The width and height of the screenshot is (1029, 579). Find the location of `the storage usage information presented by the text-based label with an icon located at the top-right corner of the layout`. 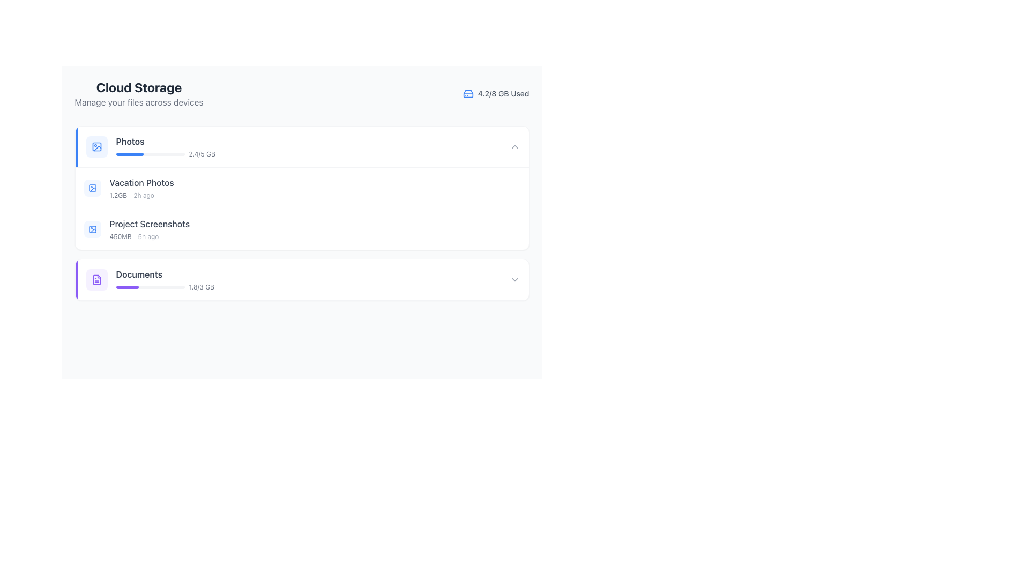

the storage usage information presented by the text-based label with an icon located at the top-right corner of the layout is located at coordinates (495, 93).